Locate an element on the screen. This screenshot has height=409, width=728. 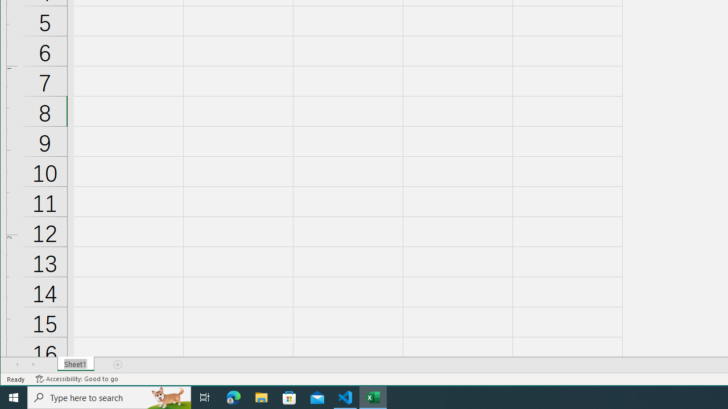
'Microsoft Store' is located at coordinates (289, 397).